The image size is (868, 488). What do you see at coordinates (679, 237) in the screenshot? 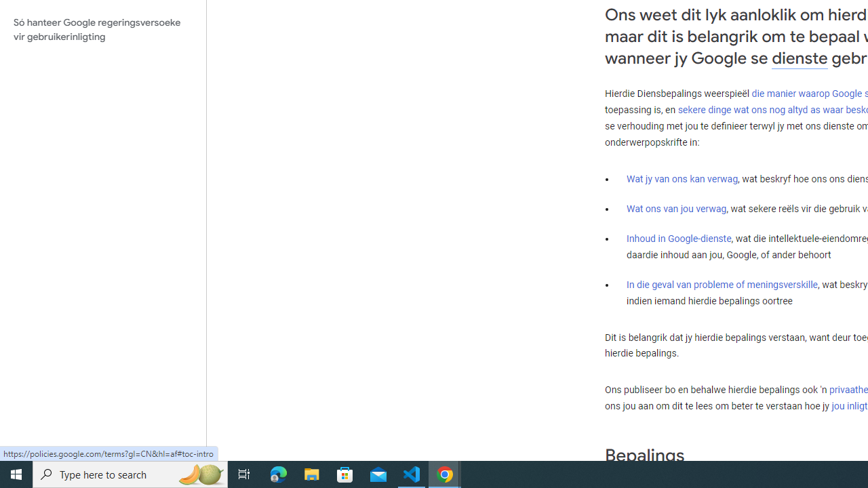
I see `'Inhoud in Google-dienste'` at bounding box center [679, 237].